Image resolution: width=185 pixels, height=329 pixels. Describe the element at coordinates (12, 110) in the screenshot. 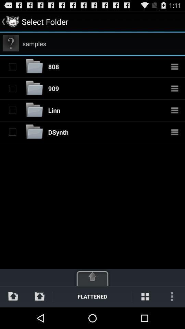

I see `check to select folder` at that location.